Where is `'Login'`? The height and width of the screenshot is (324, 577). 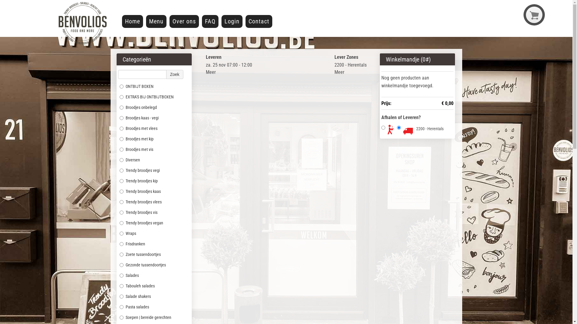 'Login' is located at coordinates (221, 21).